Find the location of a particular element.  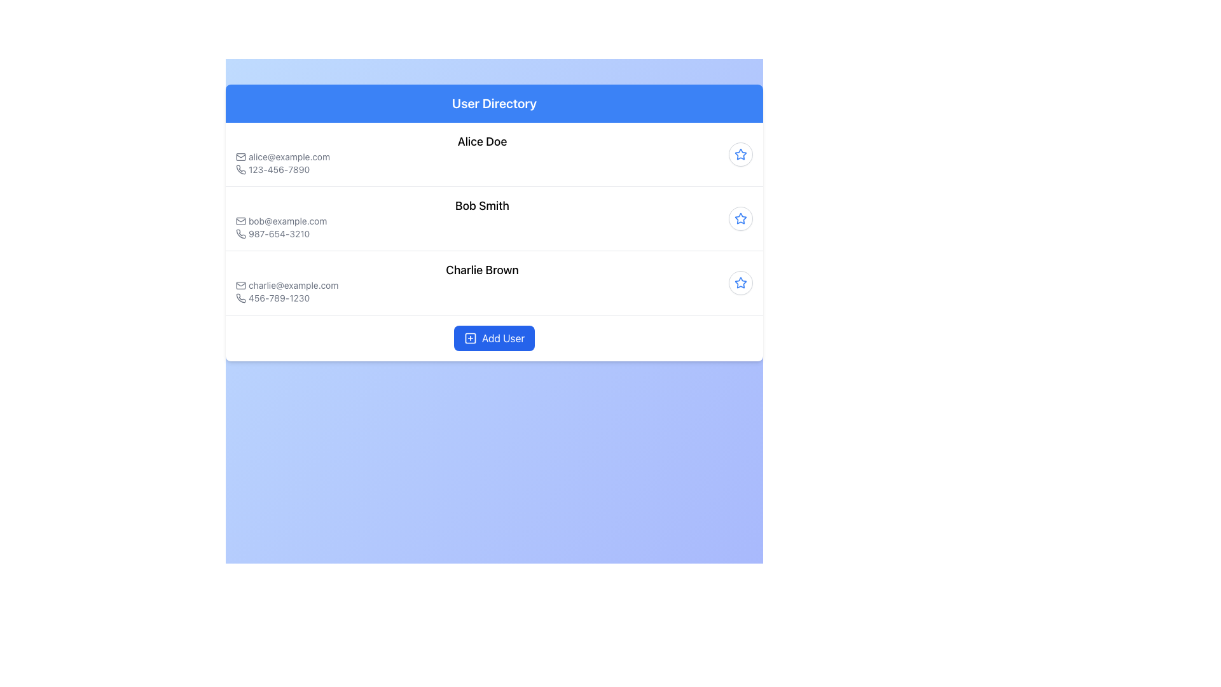

the 'Add User' icon located at the bottom center of the interface, which initiates the 'Add User' action is located at coordinates (469, 338).